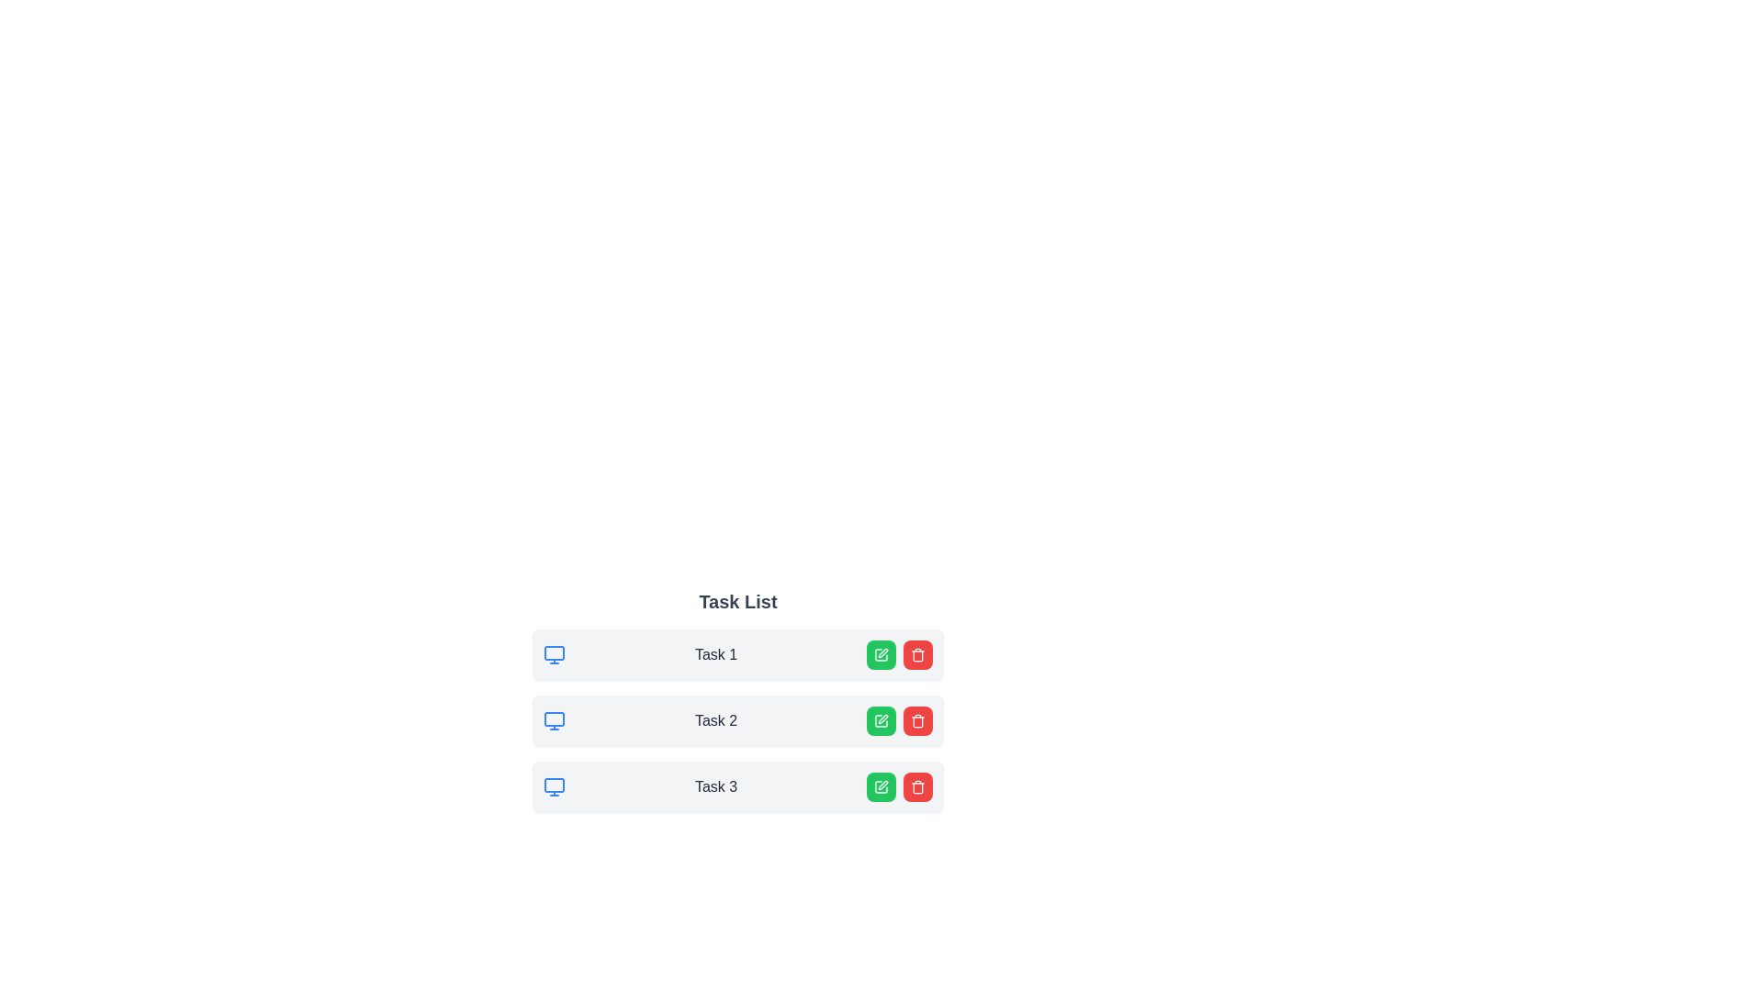  Describe the element at coordinates (738, 785) in the screenshot. I see `the third task item in the 'Task List'` at that location.